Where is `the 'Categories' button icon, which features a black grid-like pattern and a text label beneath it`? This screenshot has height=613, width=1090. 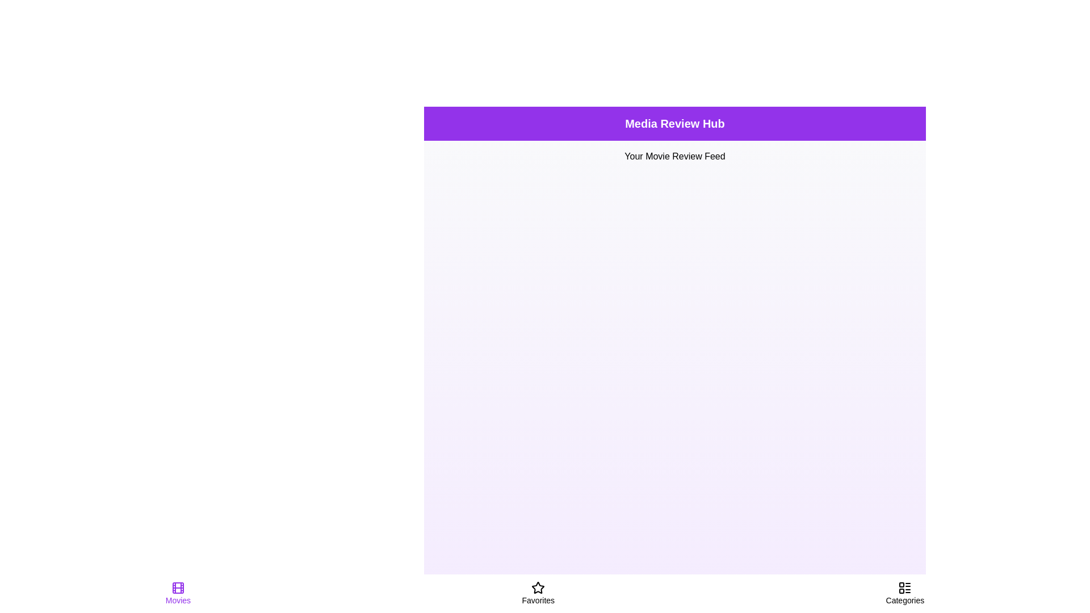
the 'Categories' button icon, which features a black grid-like pattern and a text label beneath it is located at coordinates (904, 593).